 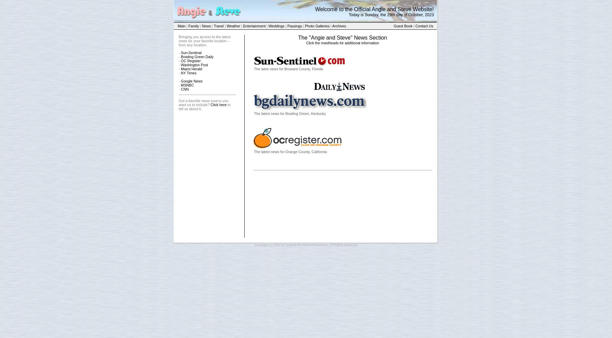 I want to click on 'Welcome to the Official Angie and Steve Website!', so click(x=314, y=9).